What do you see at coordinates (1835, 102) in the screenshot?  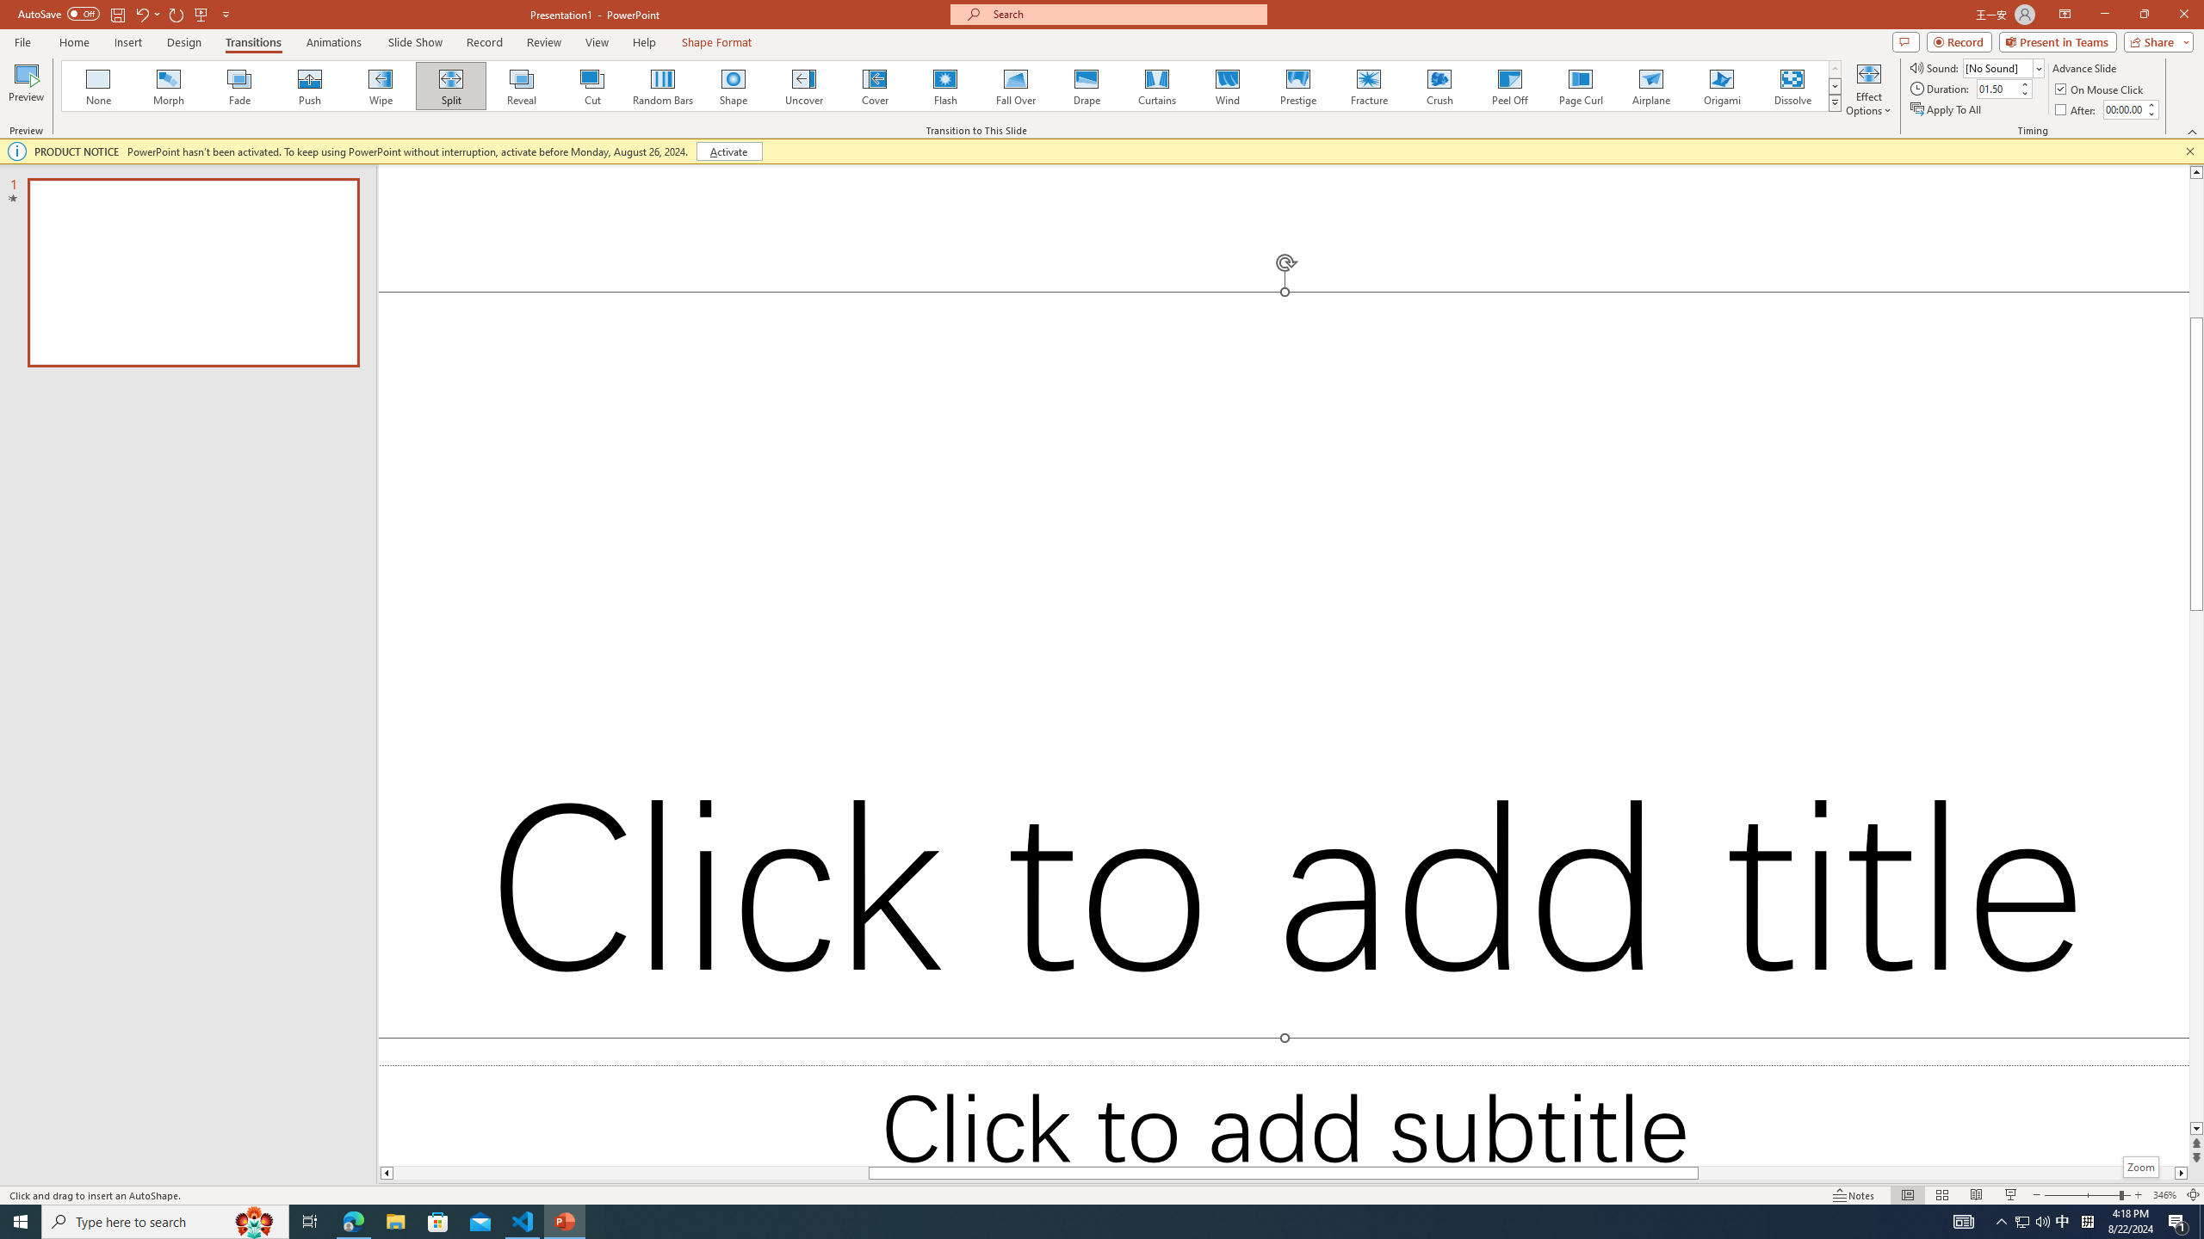 I see `'Transition Effects'` at bounding box center [1835, 102].